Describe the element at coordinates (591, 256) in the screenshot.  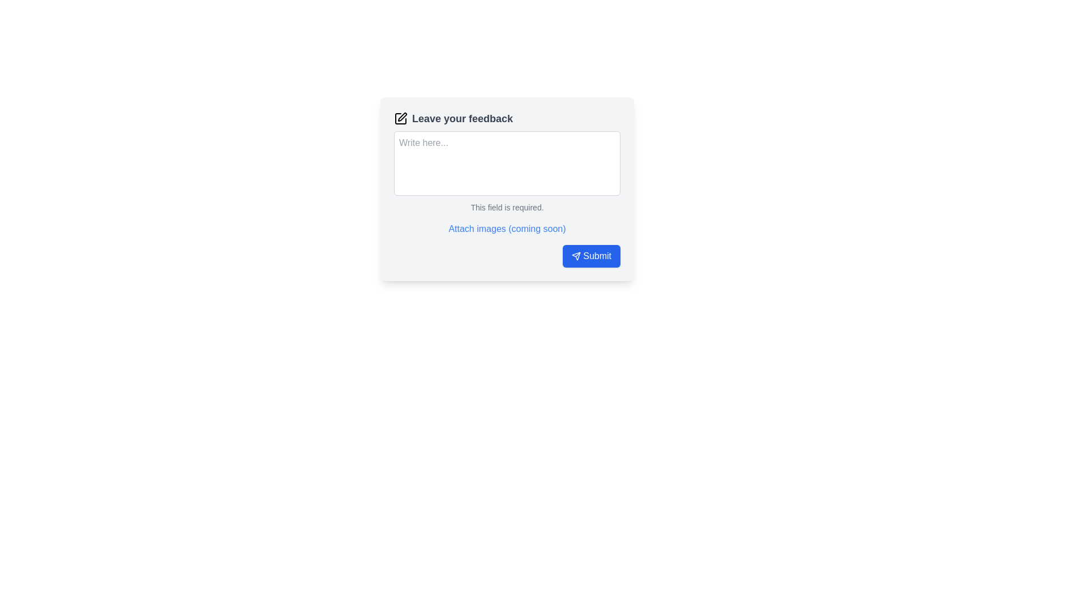
I see `the blue 'Submit' button with white text and a send icon` at that location.